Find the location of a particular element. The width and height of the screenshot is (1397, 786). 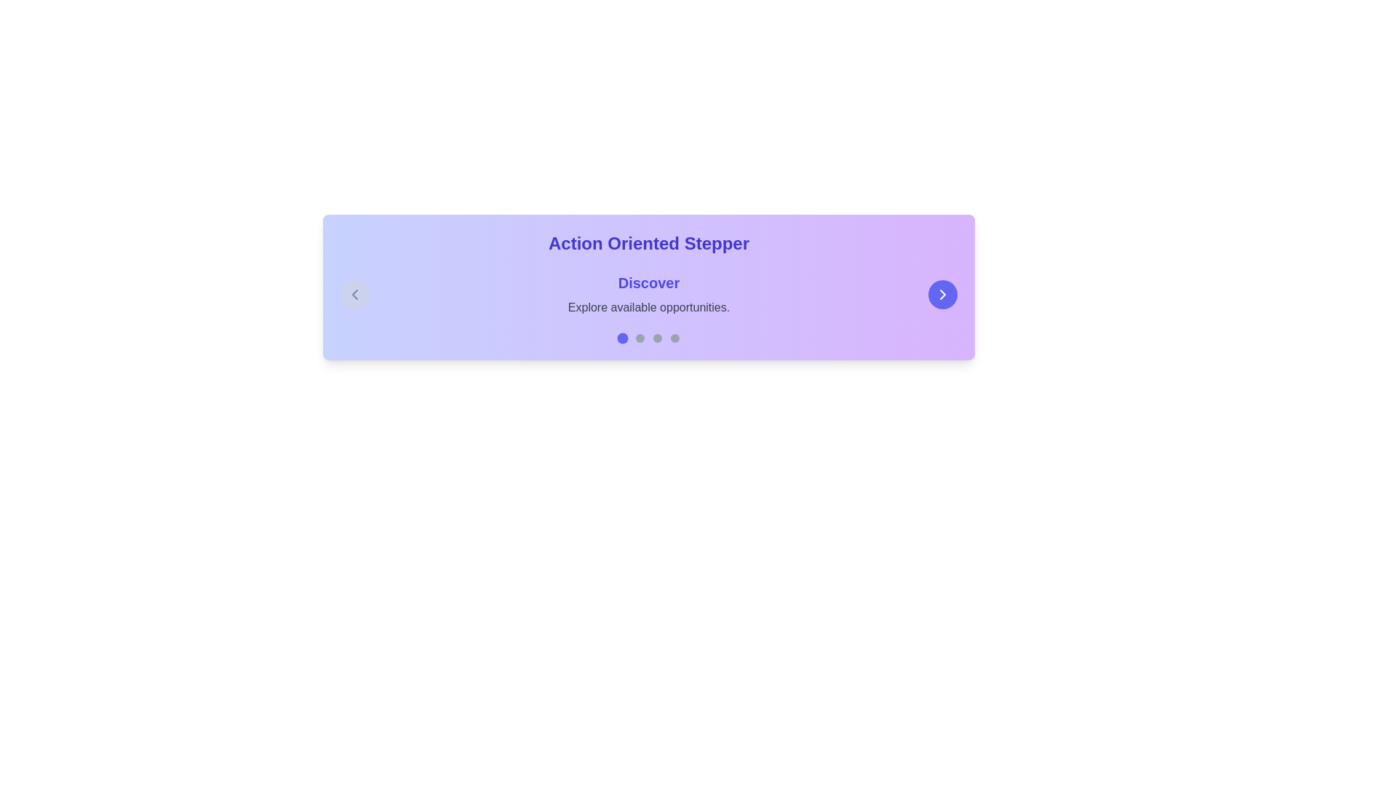

the right-pointing chevron icon within the circular indigo button on the right side of the card is located at coordinates (943, 295).